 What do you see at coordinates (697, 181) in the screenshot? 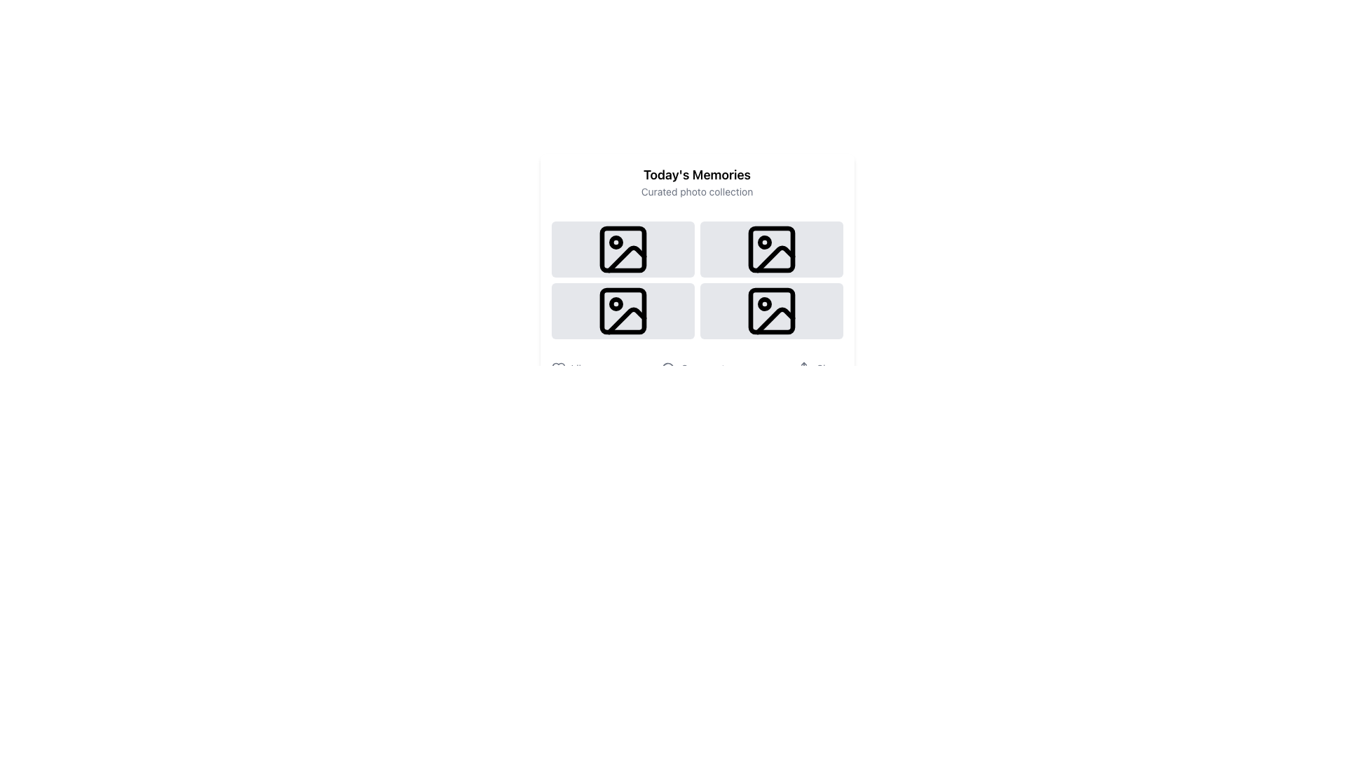
I see `the text block titled 'Today's Memories' which serves as the header for the curated photo collection` at bounding box center [697, 181].